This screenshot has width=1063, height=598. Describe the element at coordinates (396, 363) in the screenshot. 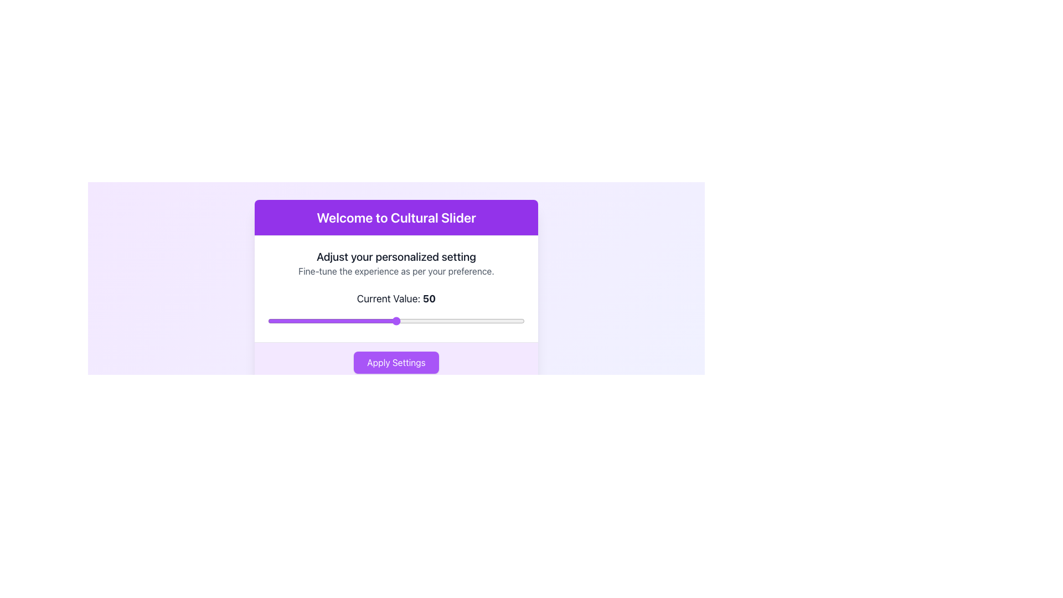

I see `the button with the purple background and white text that says 'Apply Settings' to activate keyboard interaction` at that location.